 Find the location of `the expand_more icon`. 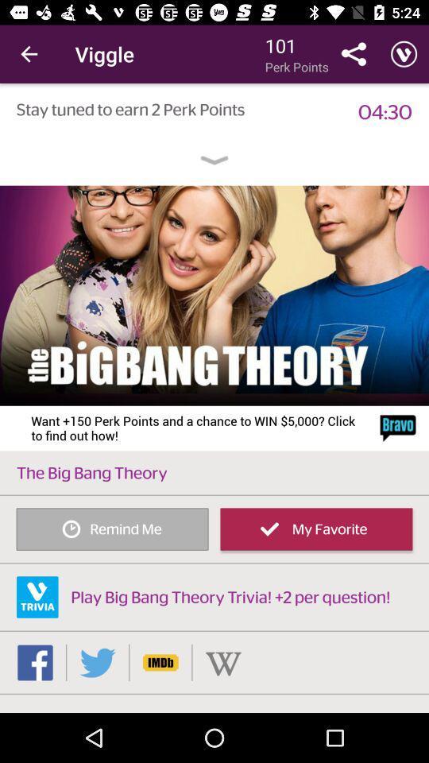

the expand_more icon is located at coordinates (214, 161).